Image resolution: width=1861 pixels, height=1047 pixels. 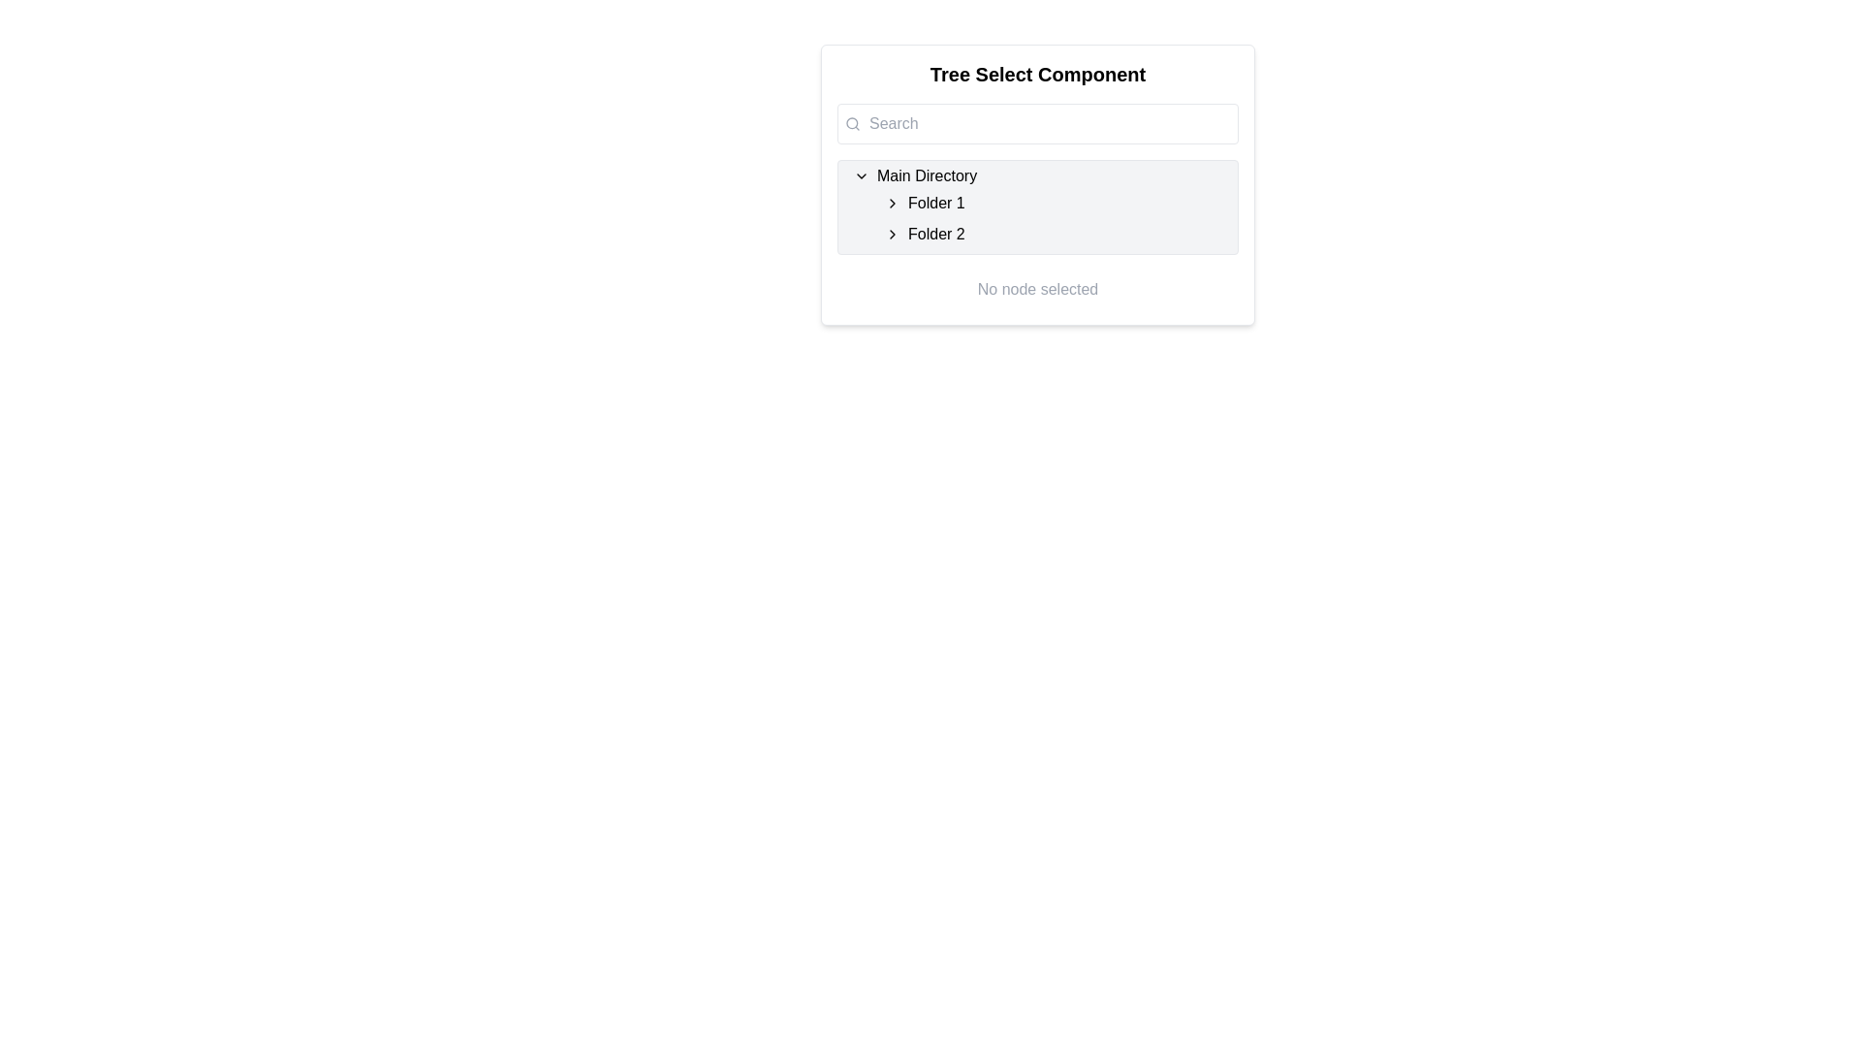 I want to click on the chevron-right icon next to 'Folder 2' in the hierarchy panel, so click(x=892, y=234).